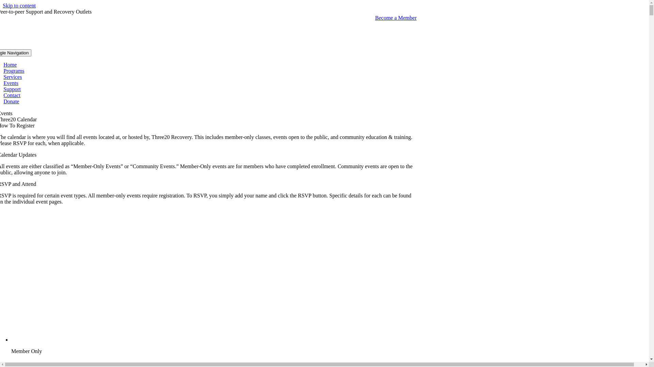 The height and width of the screenshot is (367, 654). What do you see at coordinates (12, 95) in the screenshot?
I see `'Contact'` at bounding box center [12, 95].